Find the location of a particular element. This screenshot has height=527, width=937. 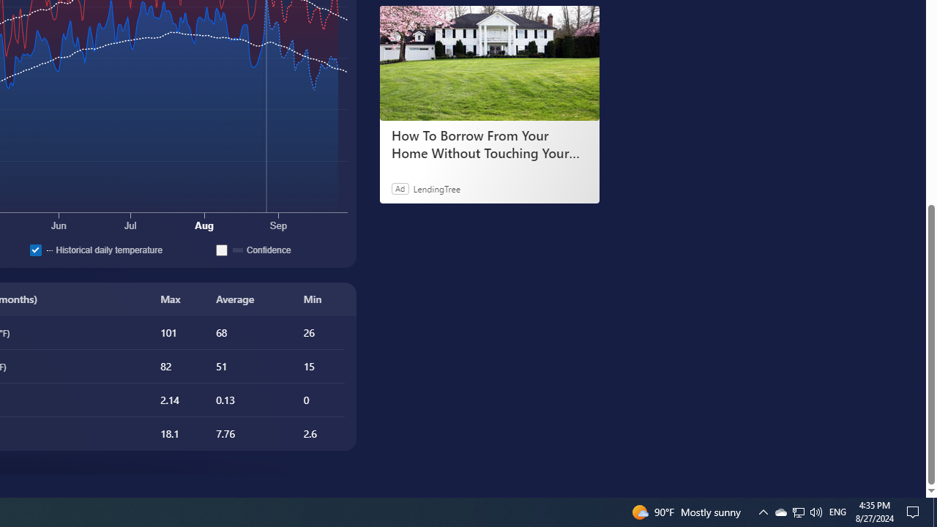

'Action Center, No new notifications' is located at coordinates (915, 511).